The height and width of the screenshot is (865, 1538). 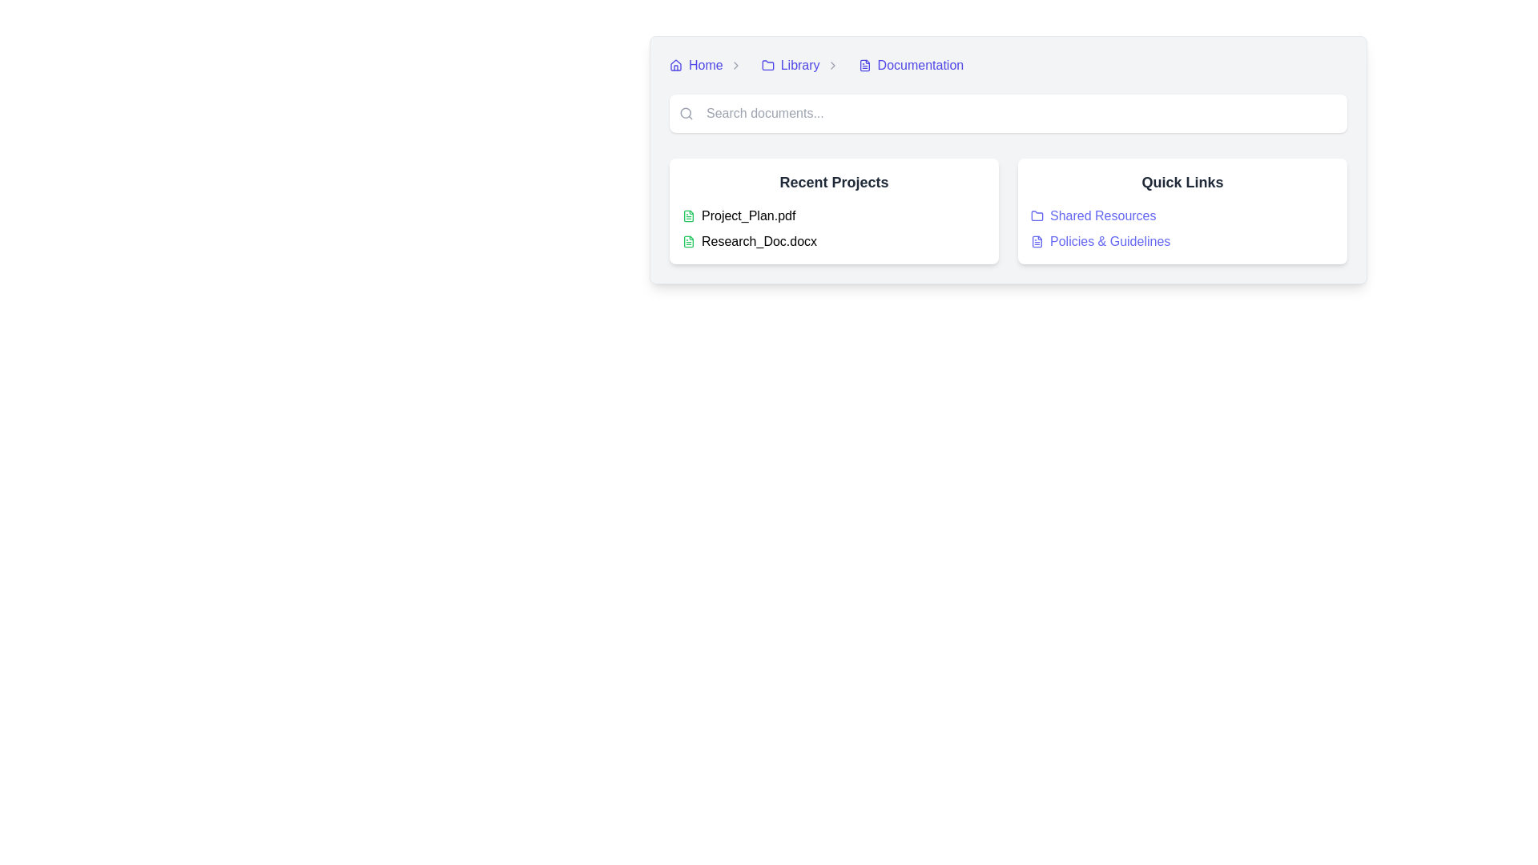 What do you see at coordinates (1182, 181) in the screenshot?
I see `the 'Quick Links' text label, which is styled in bold and large dark gray font and positioned above the links 'Shared Resources' and 'Policies & Guidelines'` at bounding box center [1182, 181].